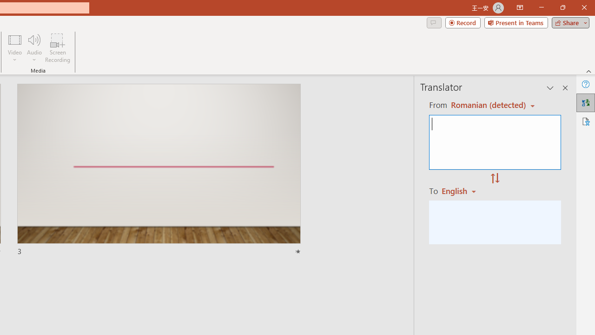 The width and height of the screenshot is (595, 335). What do you see at coordinates (562, 7) in the screenshot?
I see `'Restore Down'` at bounding box center [562, 7].